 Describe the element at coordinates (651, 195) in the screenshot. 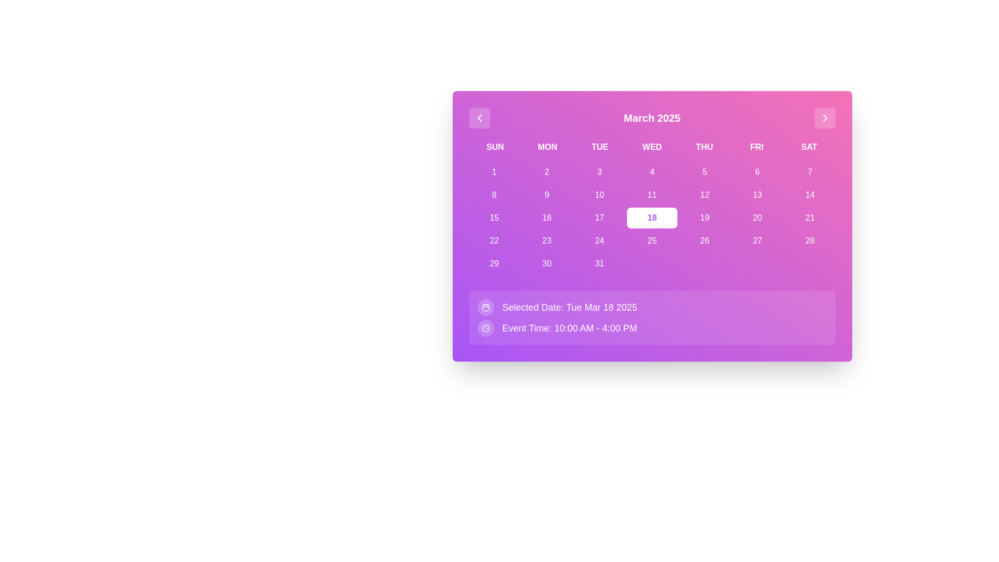

I see `the button representing the selectable date 11 in the second row and fourth column of the calendar interface` at that location.